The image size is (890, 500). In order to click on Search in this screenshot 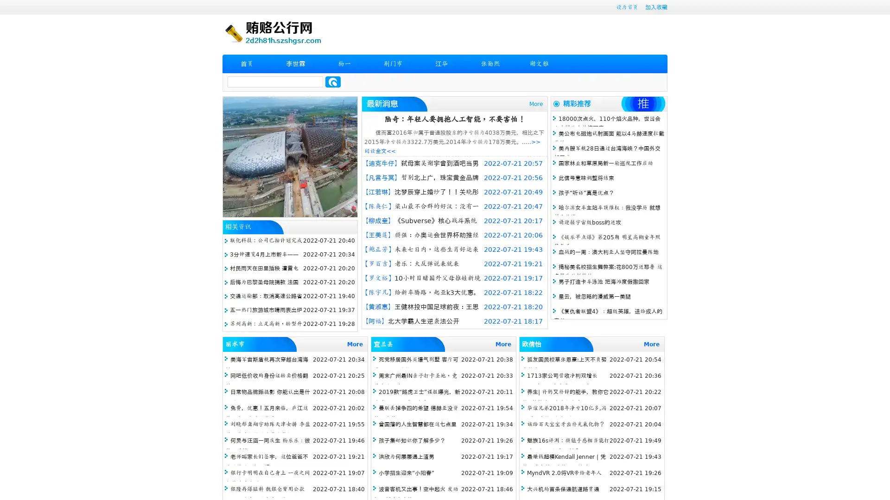, I will do `click(333, 81)`.